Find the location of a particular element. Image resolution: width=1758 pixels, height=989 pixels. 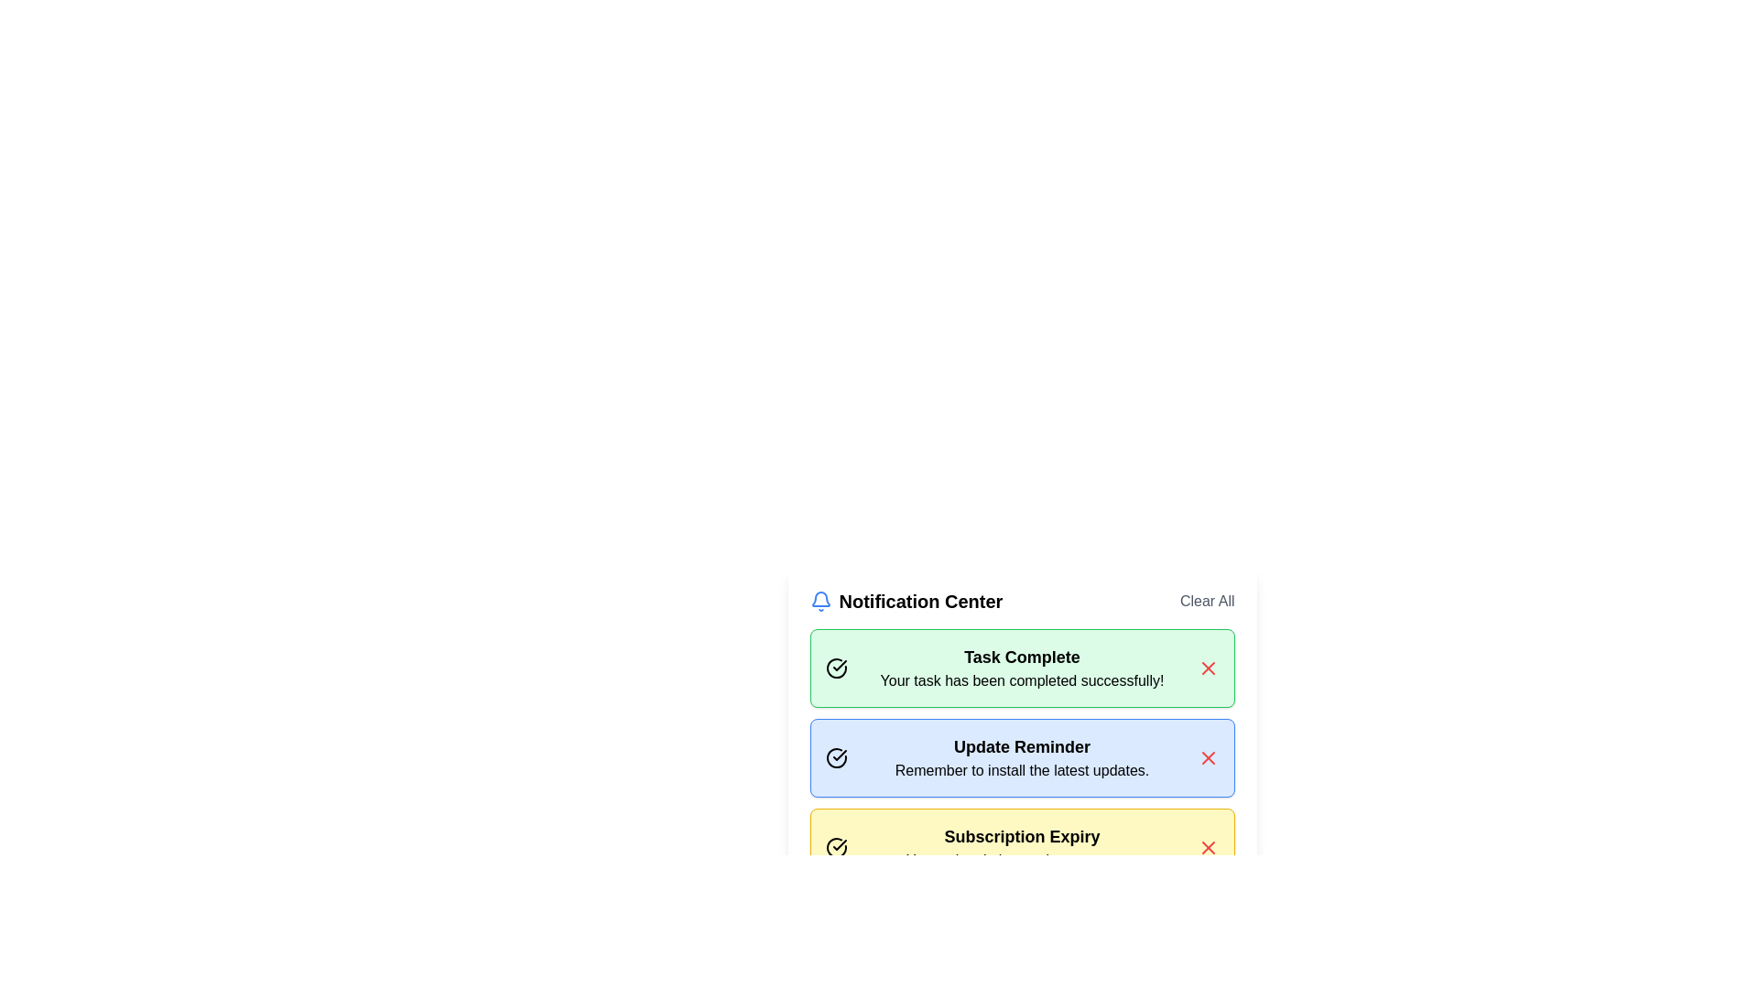

the blue bell icon located to the left of the 'Notification Center' text is located at coordinates (819, 601).